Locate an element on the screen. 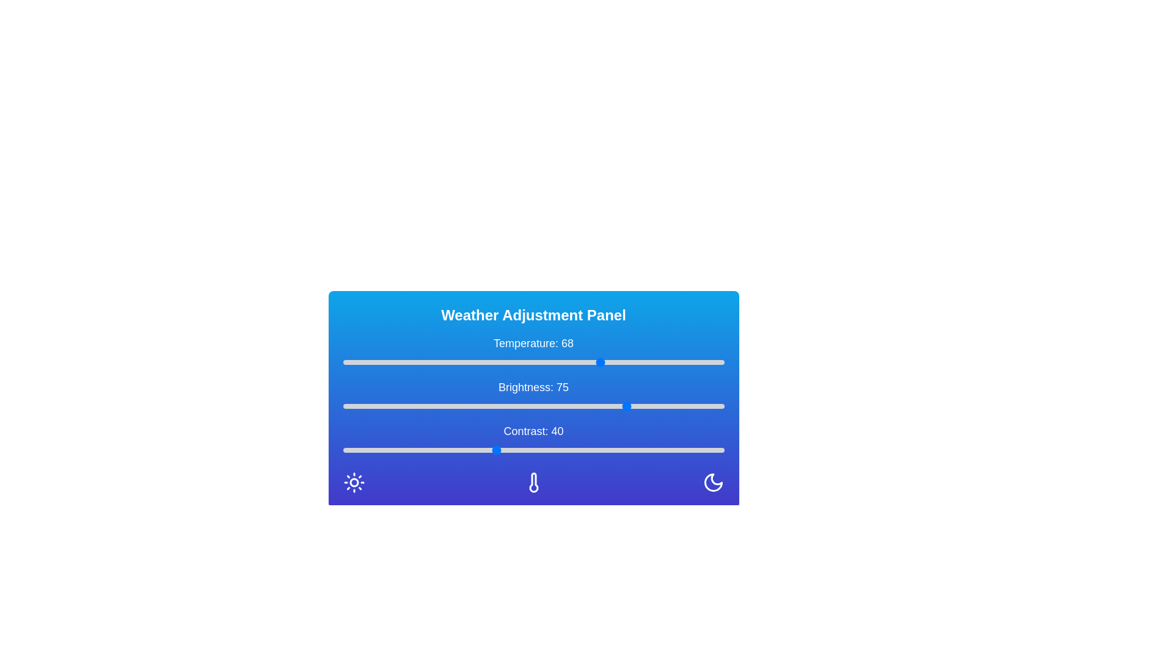  the Moon icon is located at coordinates (713, 481).